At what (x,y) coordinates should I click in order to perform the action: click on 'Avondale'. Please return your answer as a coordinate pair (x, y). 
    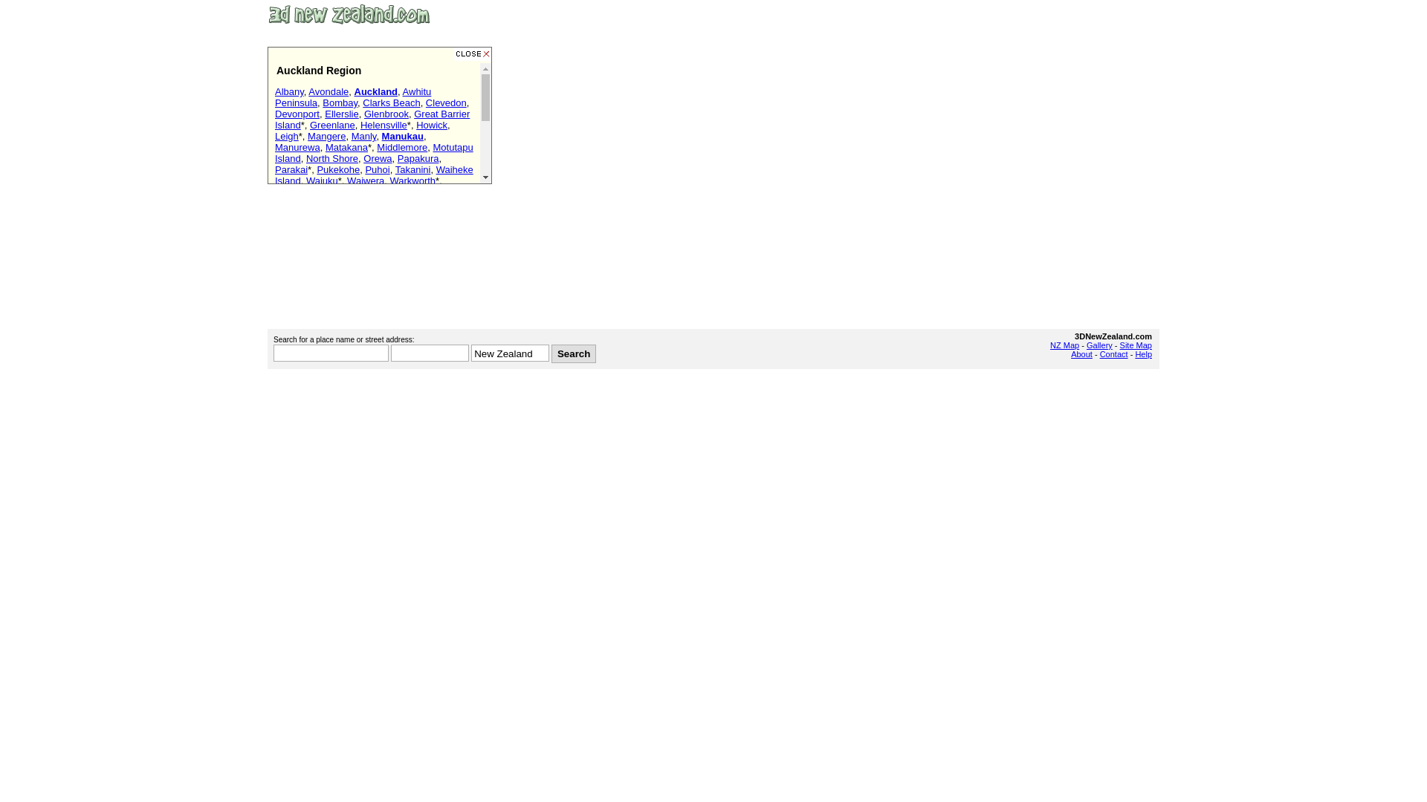
    Looking at the image, I should click on (327, 91).